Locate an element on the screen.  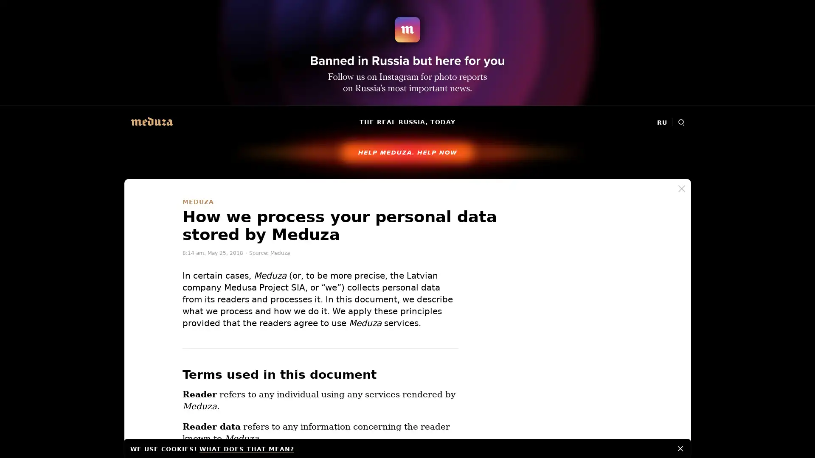
Search is located at coordinates (681, 122).